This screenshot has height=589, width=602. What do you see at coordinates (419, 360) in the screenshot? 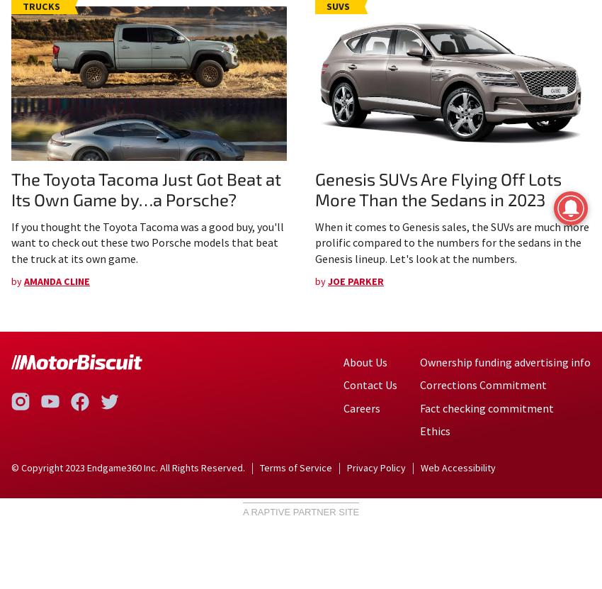
I see `'Ownership funding advertising info'` at bounding box center [419, 360].